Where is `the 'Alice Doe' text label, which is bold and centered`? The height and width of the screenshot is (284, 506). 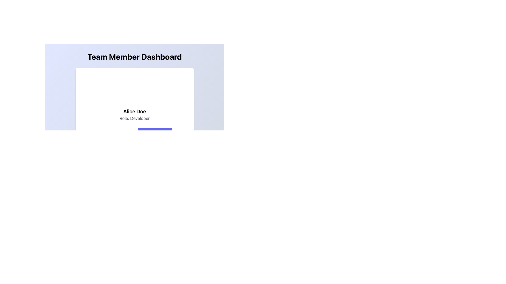 the 'Alice Doe' text label, which is bold and centered is located at coordinates (134, 111).